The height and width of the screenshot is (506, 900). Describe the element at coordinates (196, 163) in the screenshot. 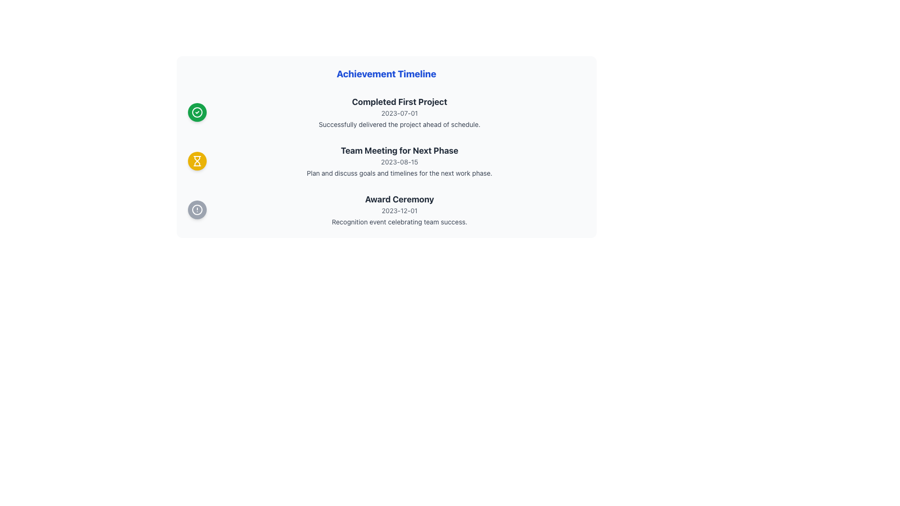

I see `the hourglass-shaped SVG icon` at that location.